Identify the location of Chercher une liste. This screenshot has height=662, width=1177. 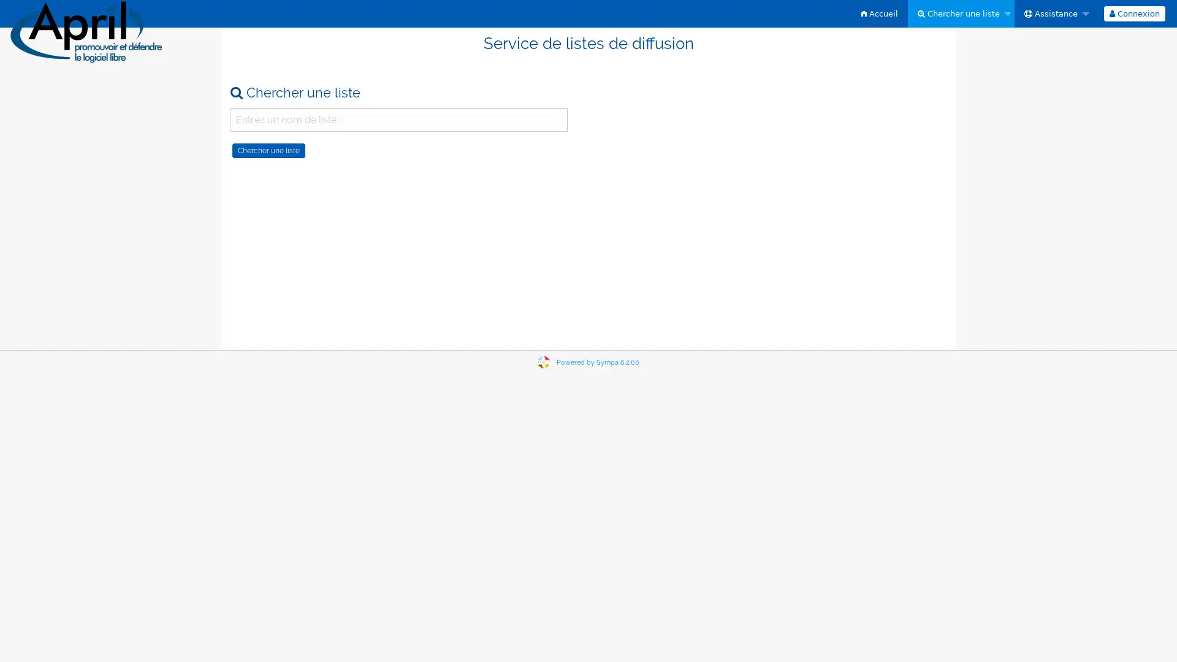
(268, 150).